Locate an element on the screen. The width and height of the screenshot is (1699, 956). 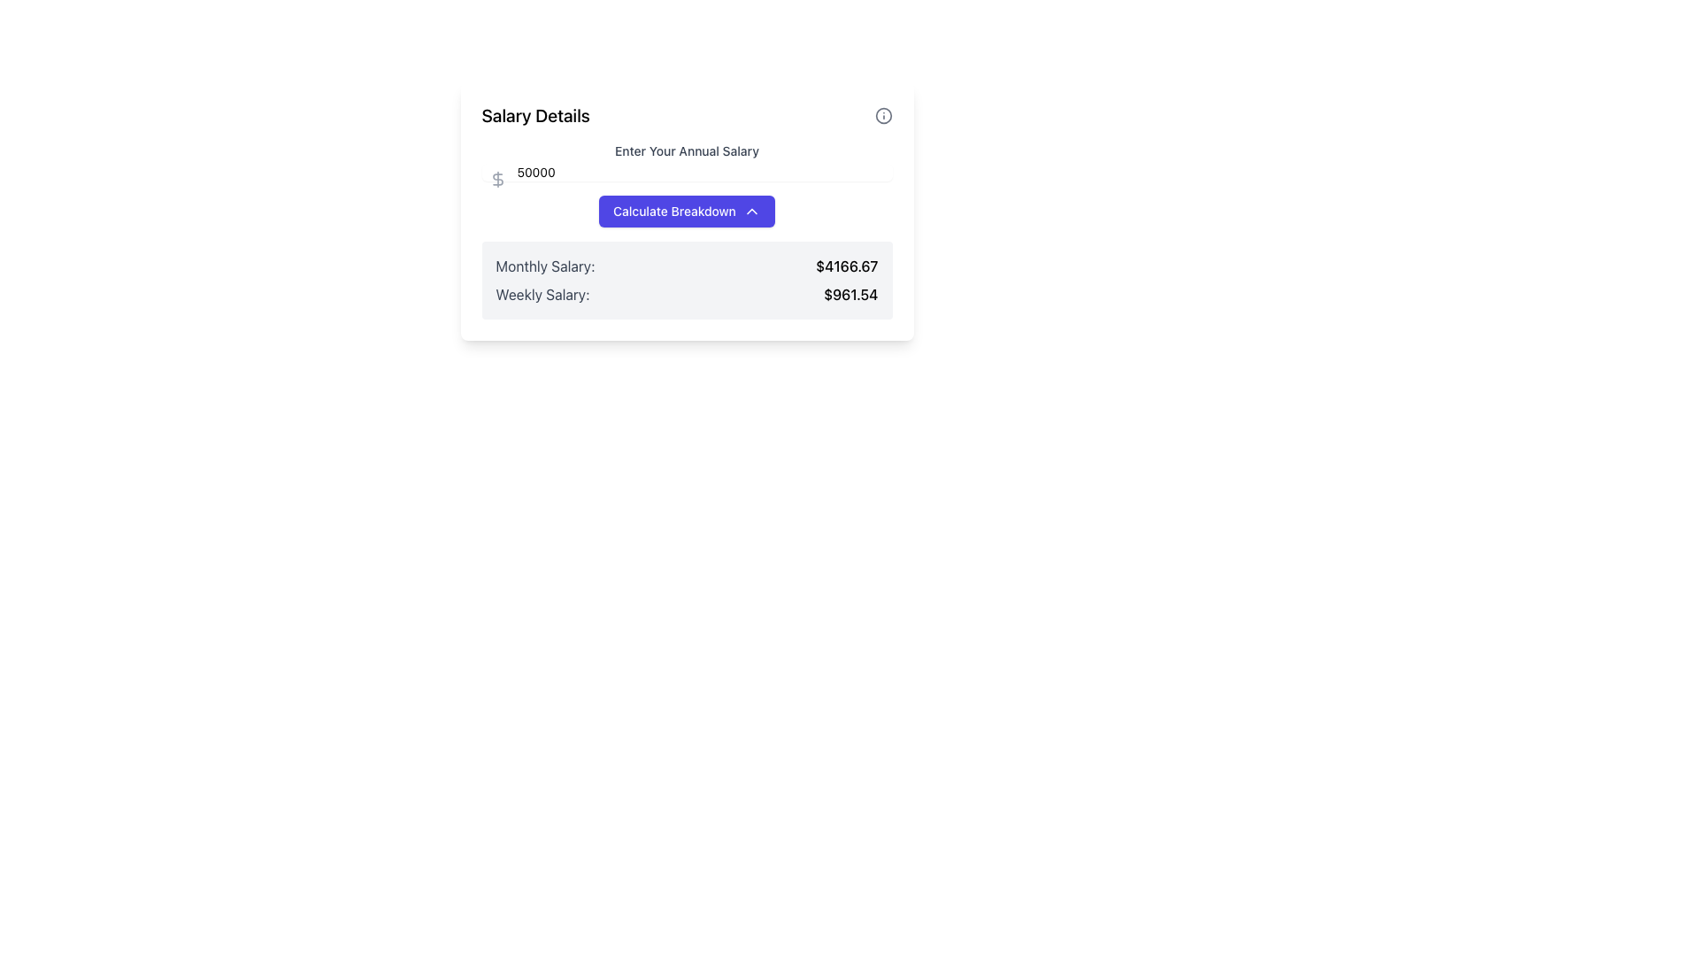
the text label that displays 'Salary Details', which is styled in bold and prominently positioned at the top-left corner of its section is located at coordinates (534, 116).